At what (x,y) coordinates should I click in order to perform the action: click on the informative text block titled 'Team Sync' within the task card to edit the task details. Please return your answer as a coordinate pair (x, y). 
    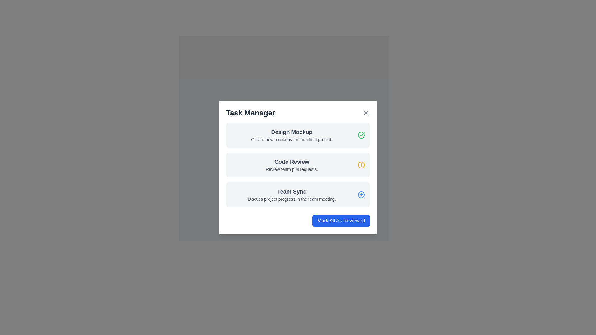
    Looking at the image, I should click on (291, 194).